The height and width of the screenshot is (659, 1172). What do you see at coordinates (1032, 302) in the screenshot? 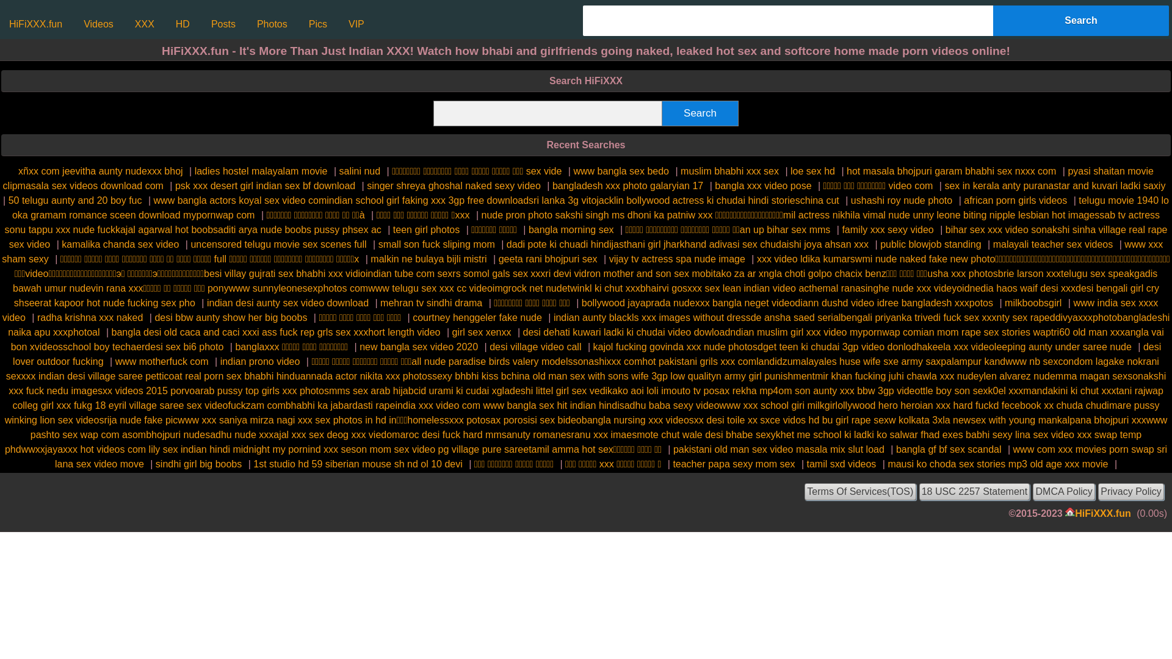
I see `'milkboobsgirl'` at bounding box center [1032, 302].